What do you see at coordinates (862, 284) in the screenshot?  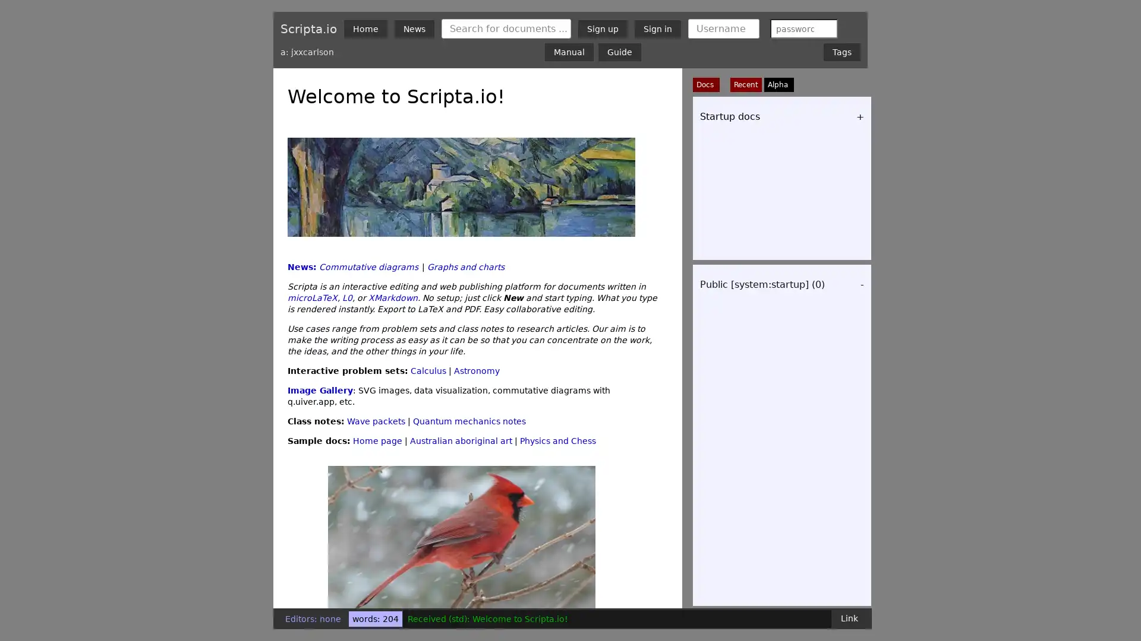 I see `-` at bounding box center [862, 284].